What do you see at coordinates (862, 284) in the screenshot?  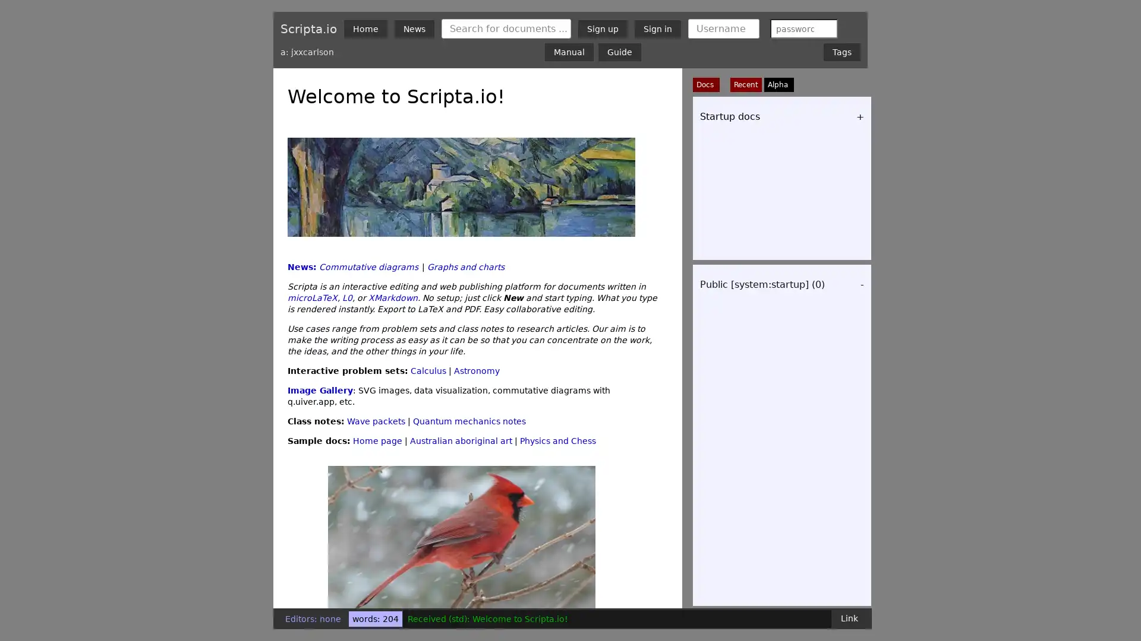 I see `-` at bounding box center [862, 284].